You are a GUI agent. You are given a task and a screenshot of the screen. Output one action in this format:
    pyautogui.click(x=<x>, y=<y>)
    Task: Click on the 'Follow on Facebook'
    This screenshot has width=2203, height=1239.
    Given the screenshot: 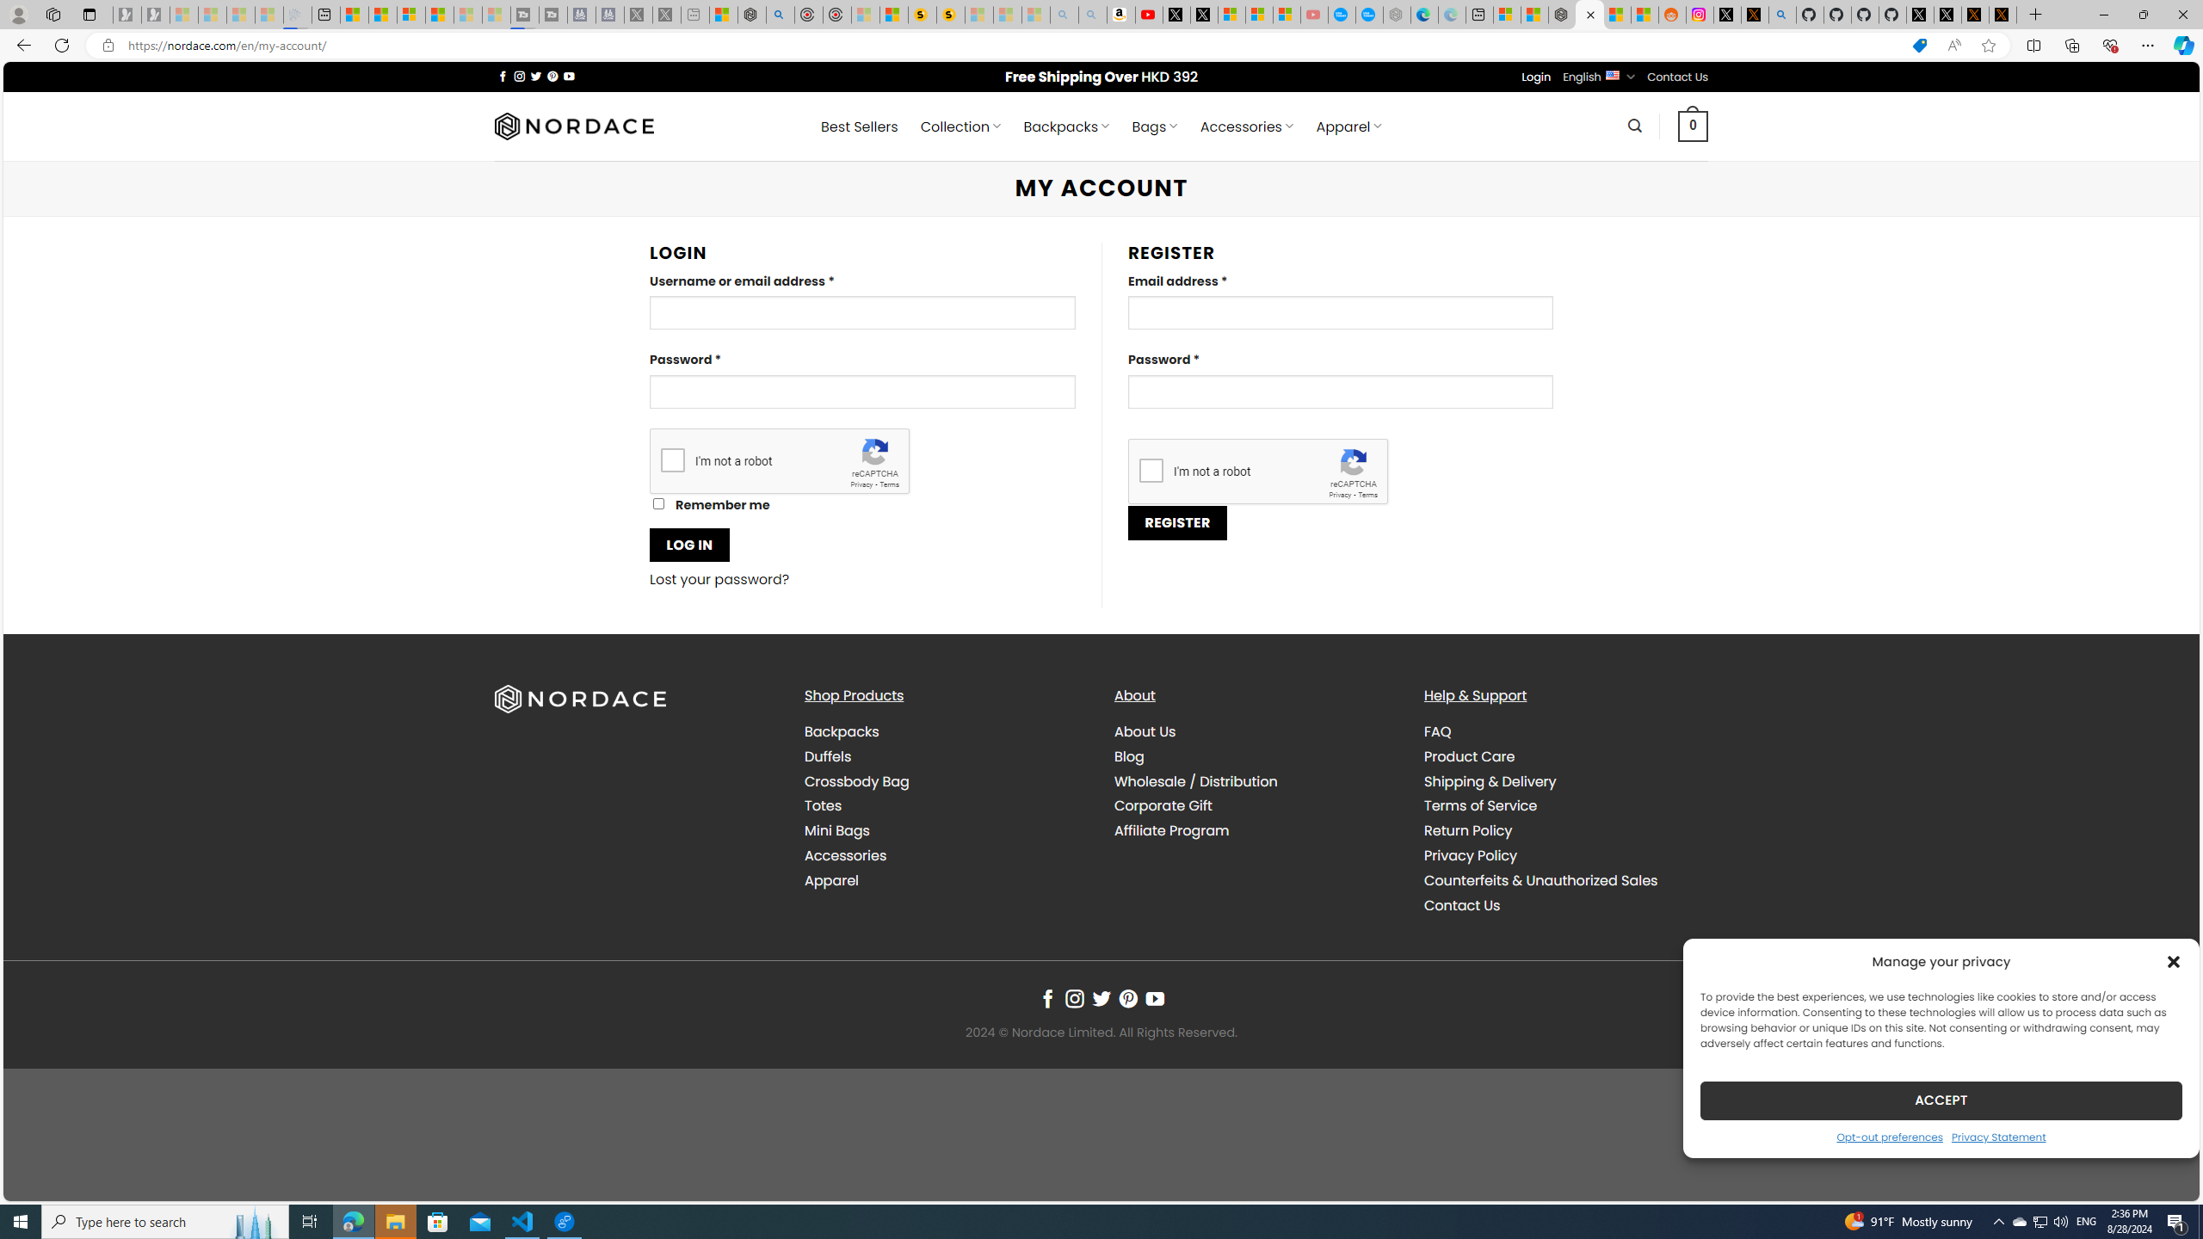 What is the action you would take?
    pyautogui.click(x=1046, y=998)
    